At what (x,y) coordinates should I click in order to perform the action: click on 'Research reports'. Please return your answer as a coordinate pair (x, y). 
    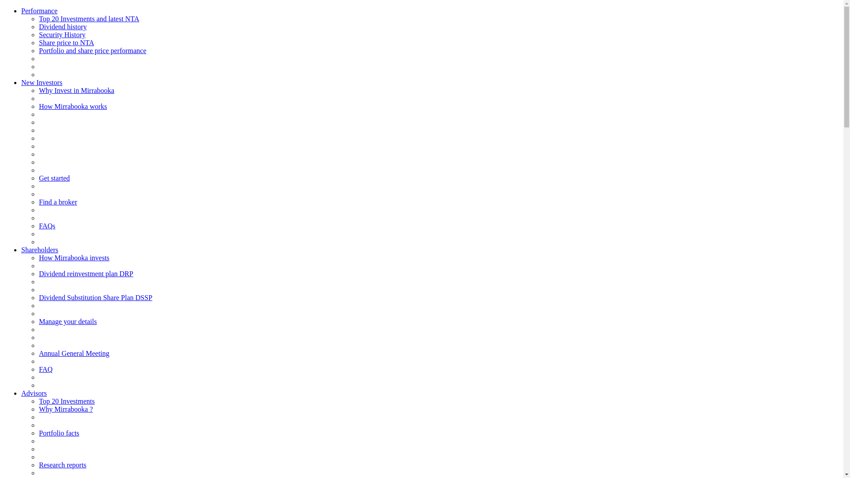
    Looking at the image, I should click on (62, 464).